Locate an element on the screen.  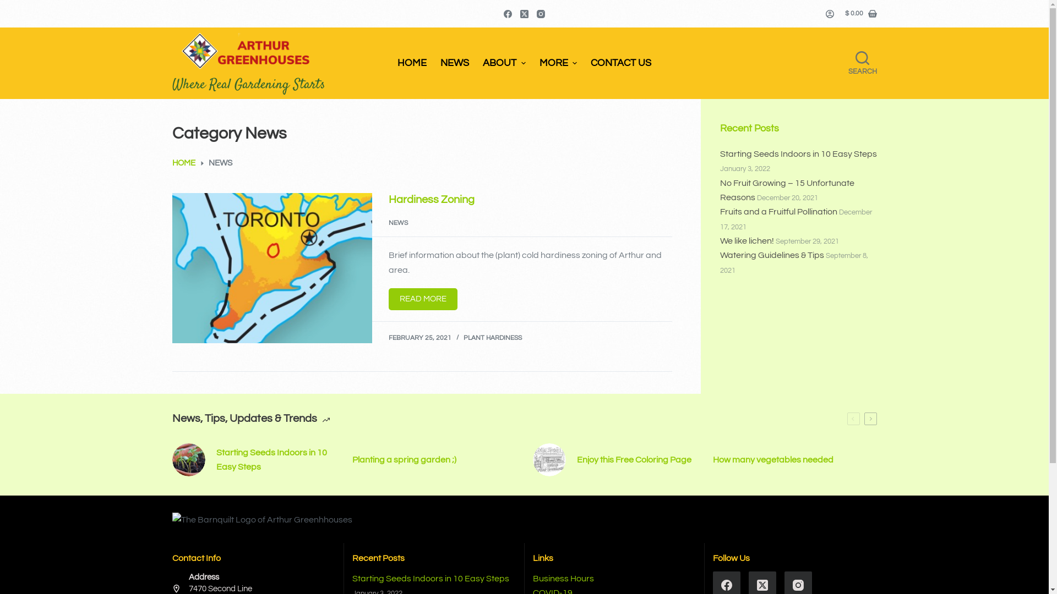
'PLANT HARDINESS' is located at coordinates (463, 337).